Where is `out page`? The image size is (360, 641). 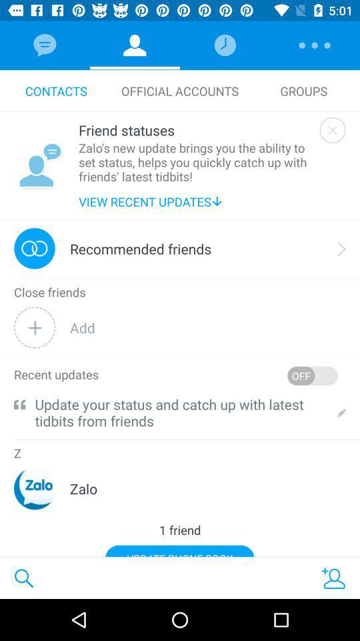
out page is located at coordinates (332, 130).